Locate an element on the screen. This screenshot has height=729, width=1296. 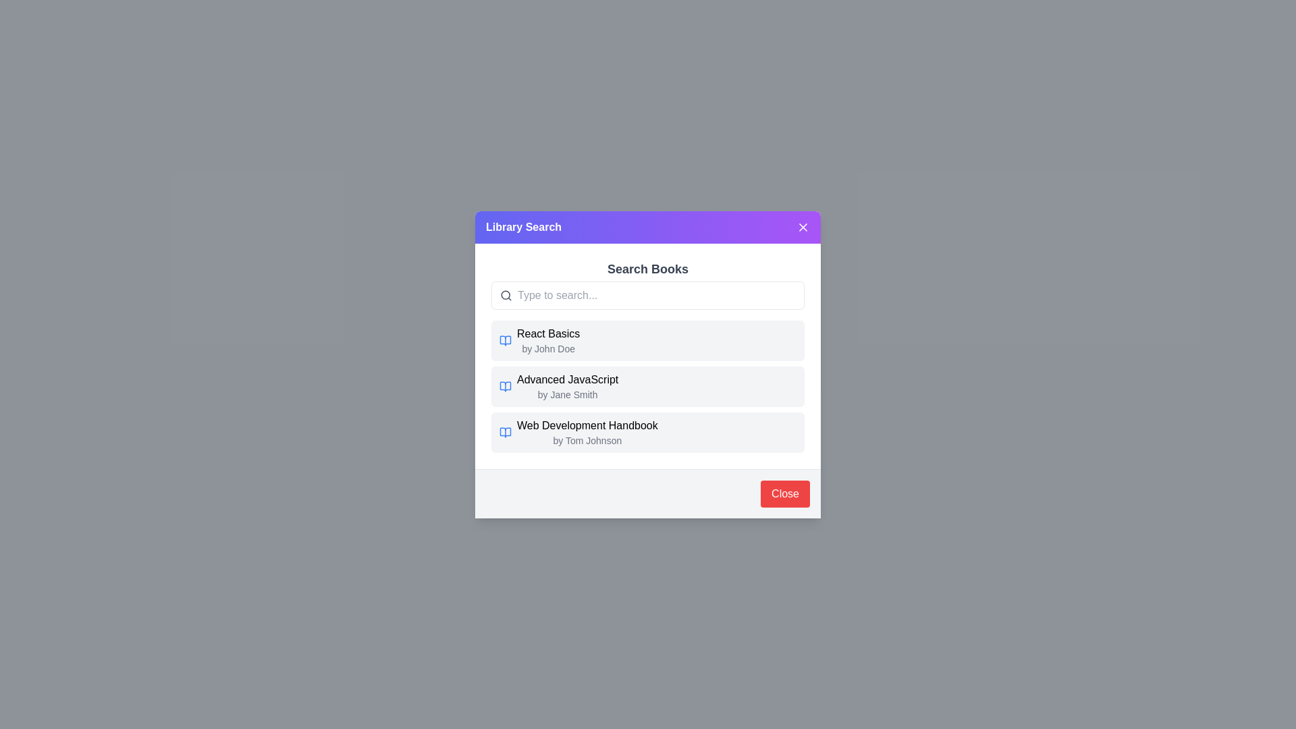
the close button located at the bottom-right corner of the modal dialog box is located at coordinates (785, 493).